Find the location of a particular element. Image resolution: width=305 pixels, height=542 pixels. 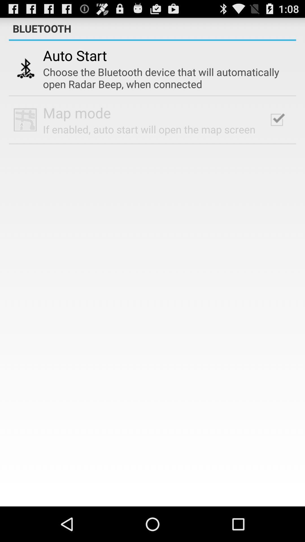

the map mode is located at coordinates (77, 113).